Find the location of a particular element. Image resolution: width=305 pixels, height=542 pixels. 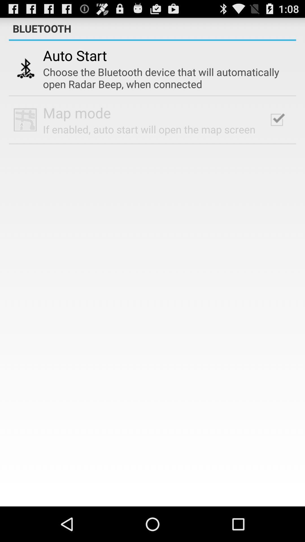

the map mode is located at coordinates (77, 113).